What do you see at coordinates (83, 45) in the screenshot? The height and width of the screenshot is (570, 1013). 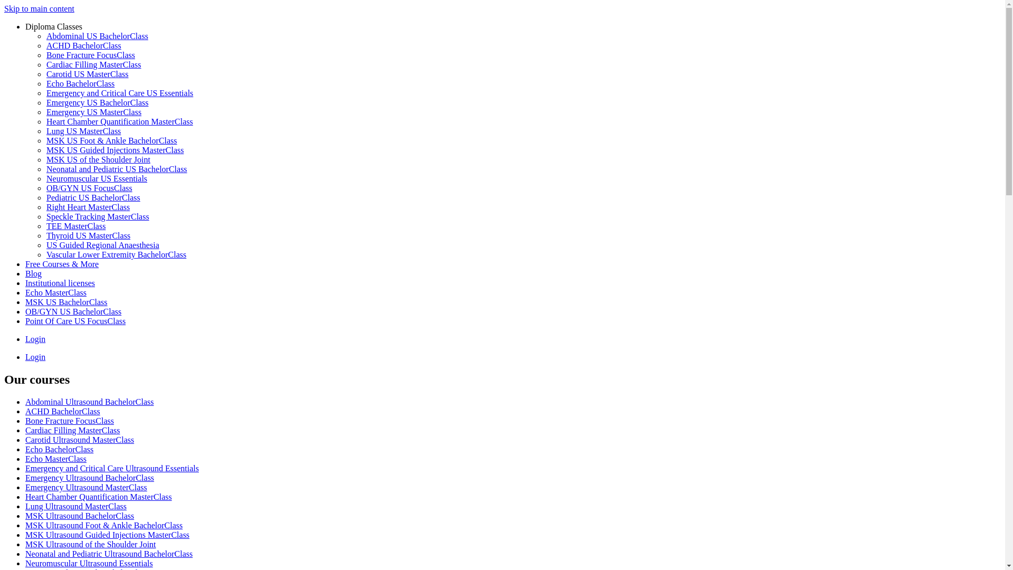 I see `'ACHD BachelorClass'` at bounding box center [83, 45].